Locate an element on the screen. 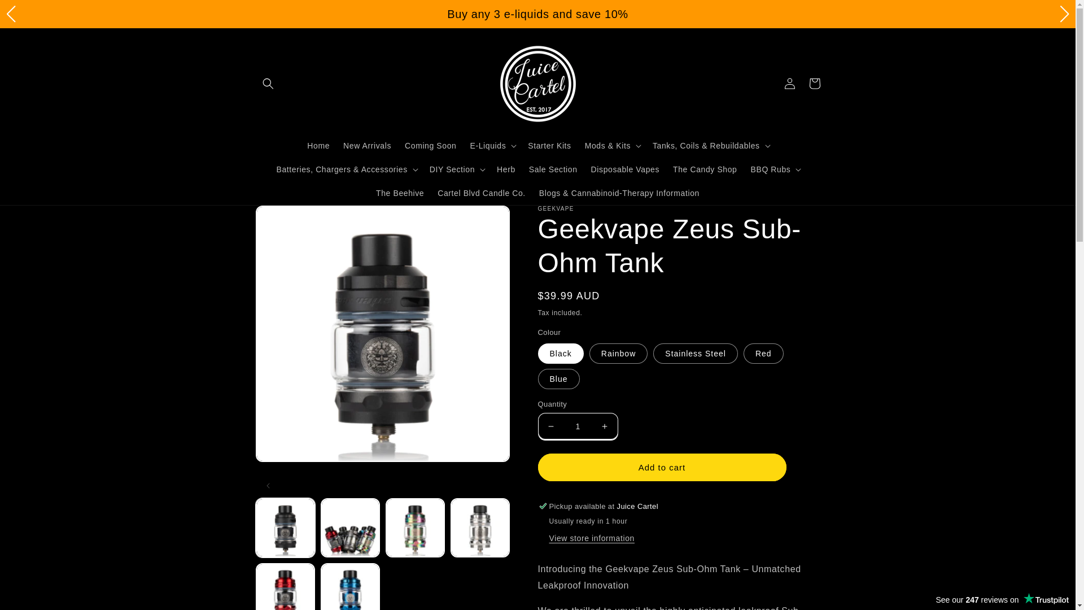 This screenshot has height=610, width=1084. 'Herb' is located at coordinates (505, 169).